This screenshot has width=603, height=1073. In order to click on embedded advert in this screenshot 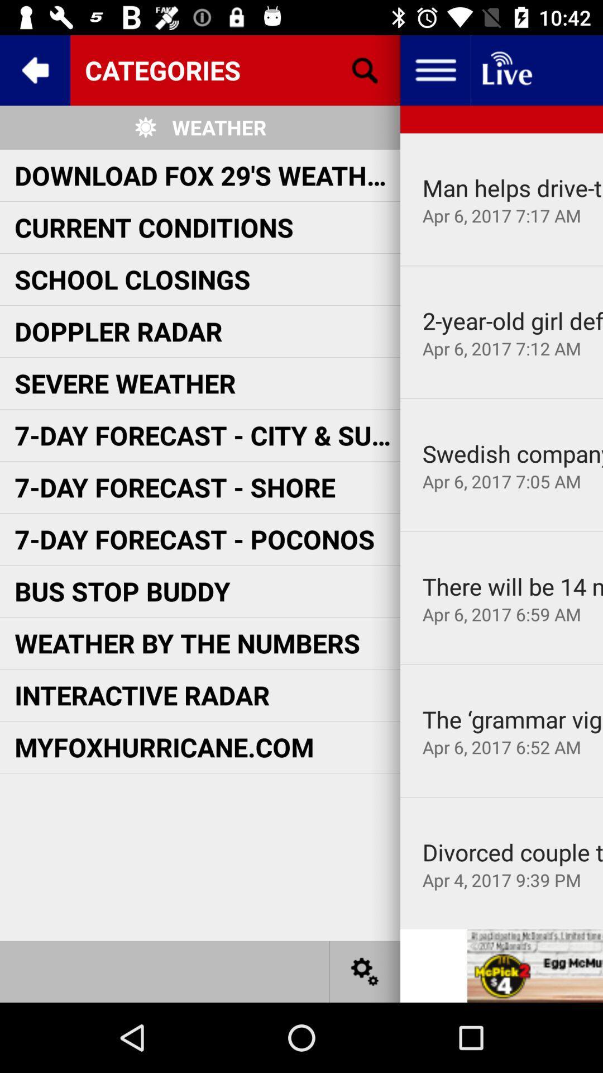, I will do `click(534, 965)`.